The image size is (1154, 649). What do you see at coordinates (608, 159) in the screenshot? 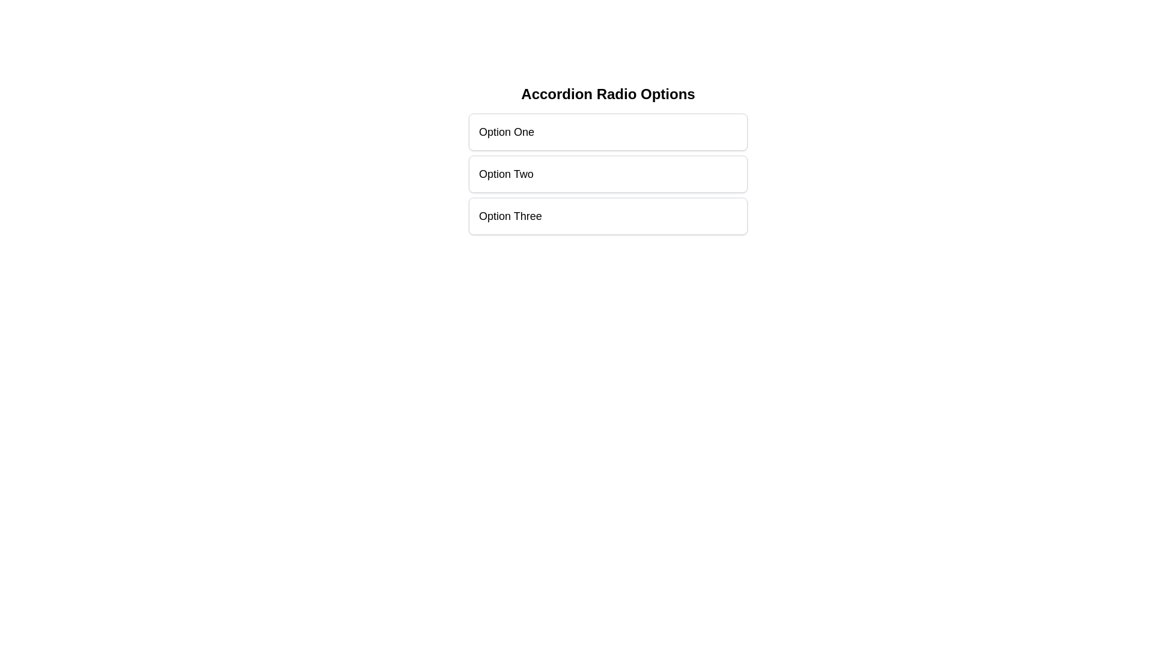
I see `the 'Option Two' radio button` at bounding box center [608, 159].